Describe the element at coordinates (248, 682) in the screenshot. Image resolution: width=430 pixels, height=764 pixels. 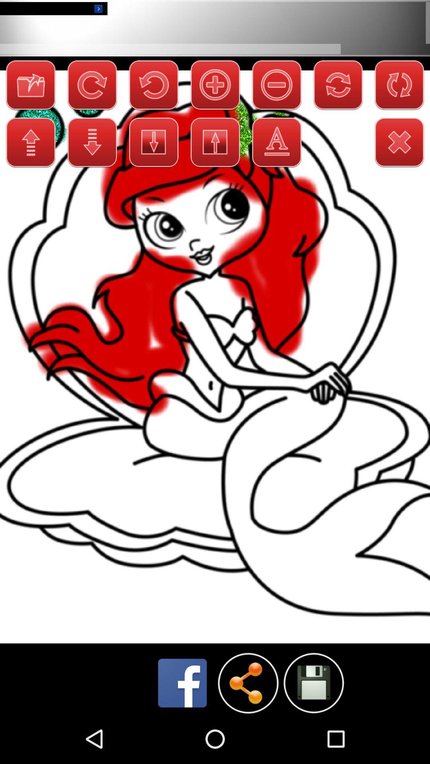
I see `share icon` at that location.